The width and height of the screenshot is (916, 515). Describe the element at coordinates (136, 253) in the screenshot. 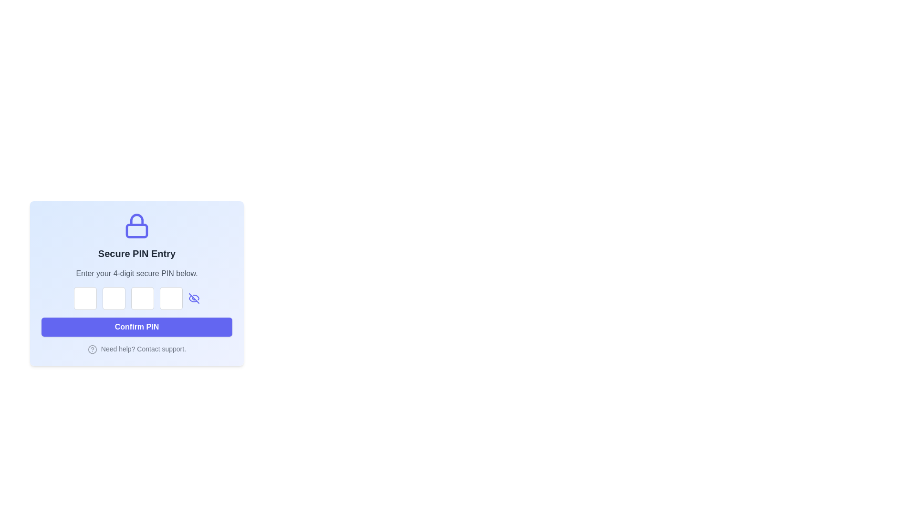

I see `the header text that introduces the secure PIN input functionality, located at the top of the card interface below the lock icon` at that location.